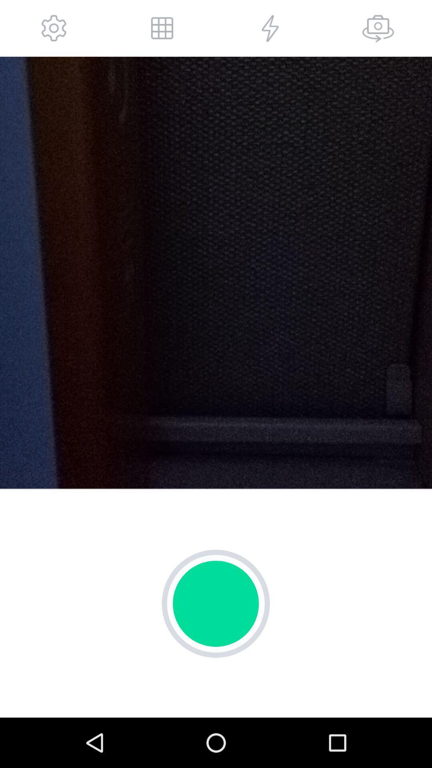  What do you see at coordinates (270, 28) in the screenshot?
I see `flash` at bounding box center [270, 28].